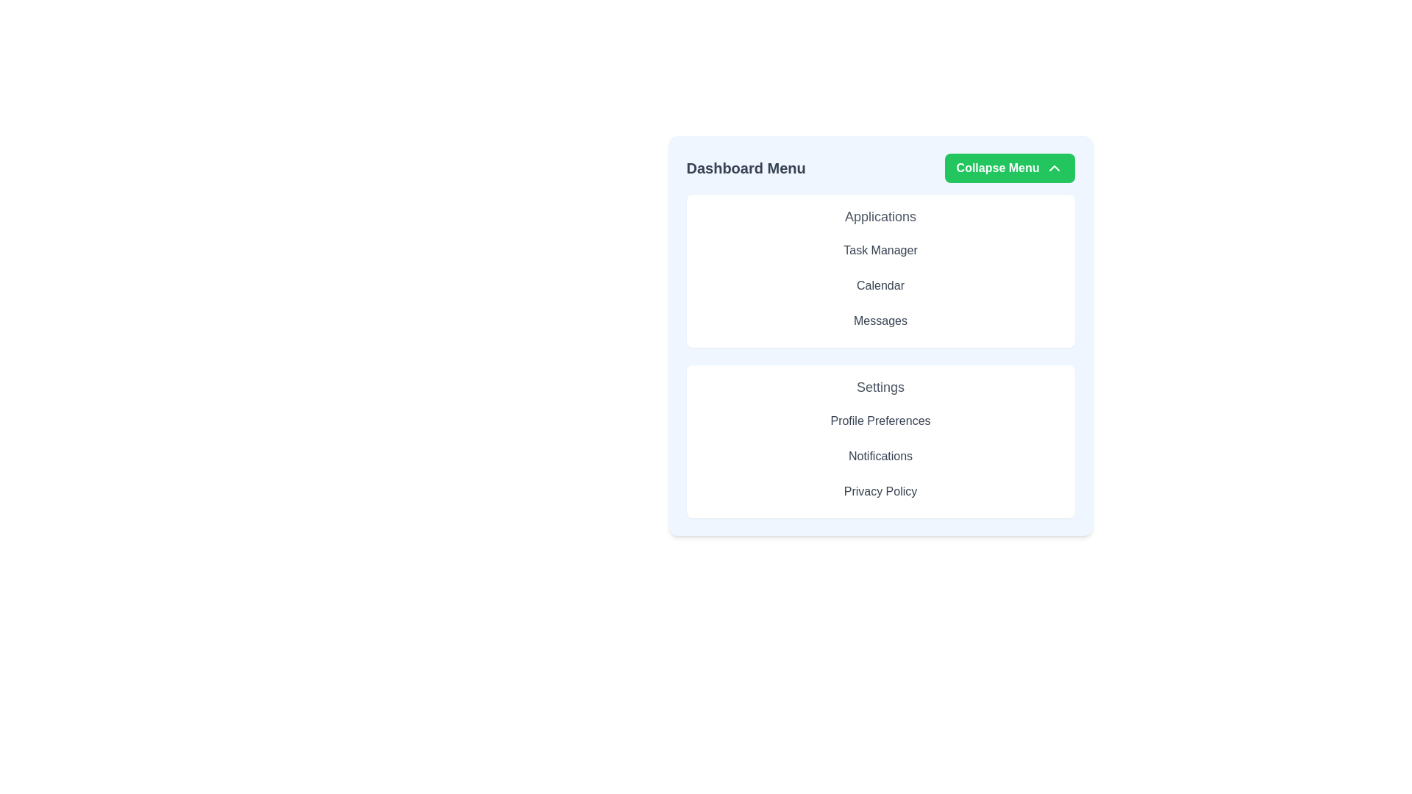 Image resolution: width=1412 pixels, height=794 pixels. I want to click on the text link at the bottom of the Settings section, so click(880, 491).